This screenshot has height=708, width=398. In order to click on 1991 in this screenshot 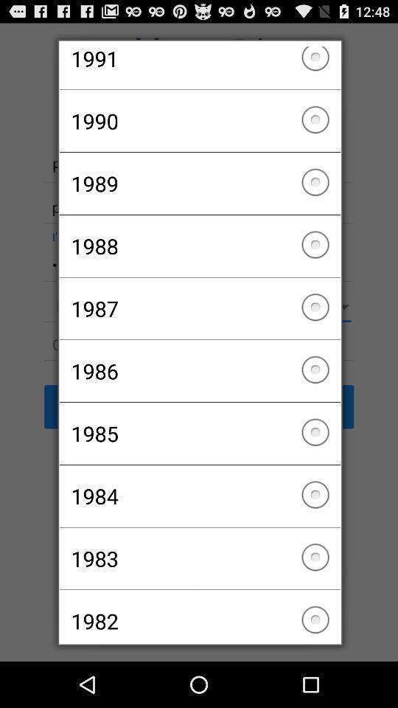, I will do `click(199, 68)`.